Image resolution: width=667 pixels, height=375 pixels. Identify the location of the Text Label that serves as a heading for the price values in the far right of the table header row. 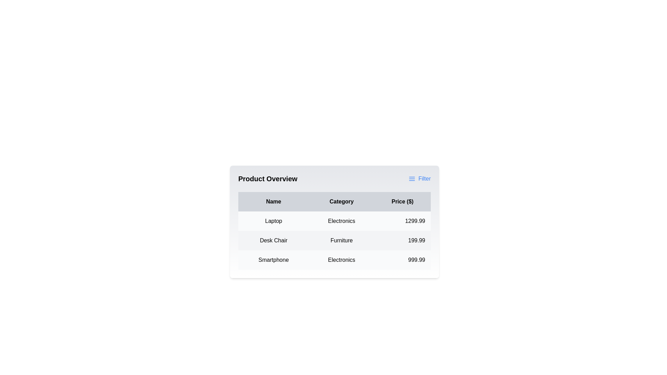
(402, 202).